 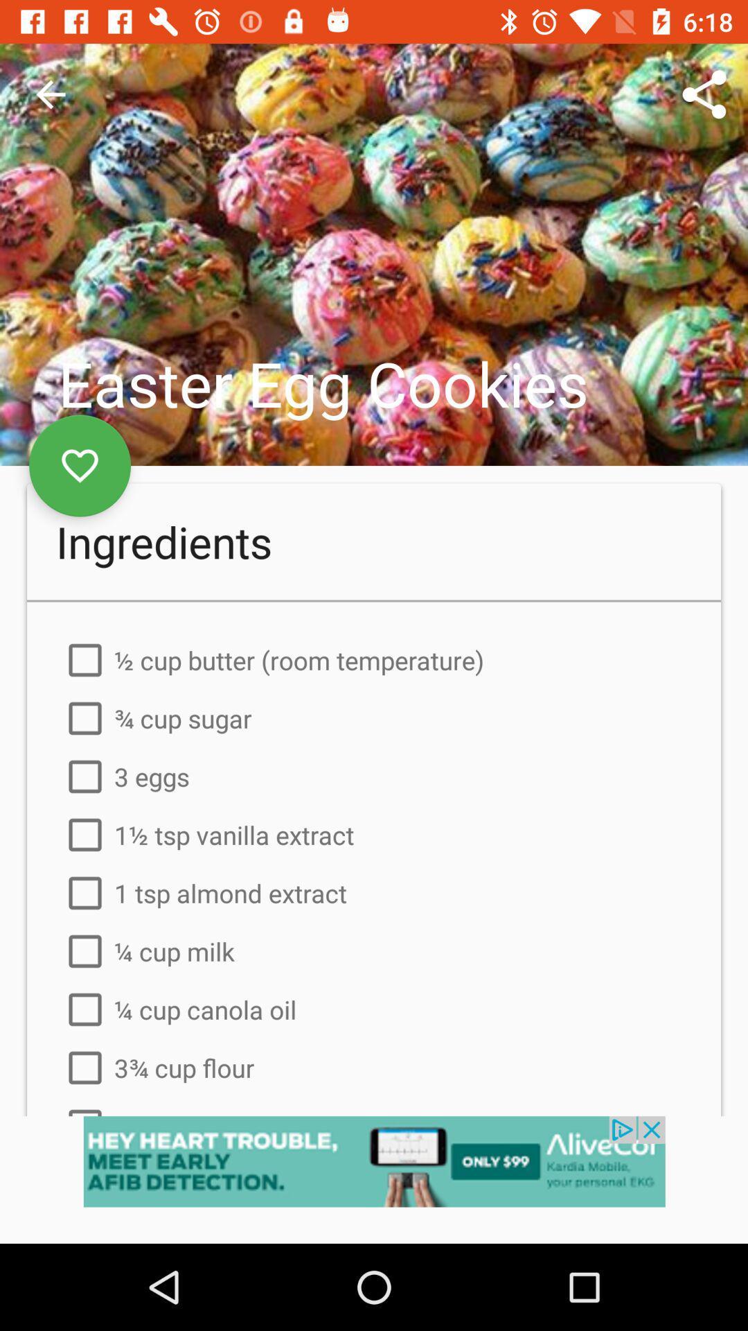 I want to click on to like and save this recipe, so click(x=80, y=466).